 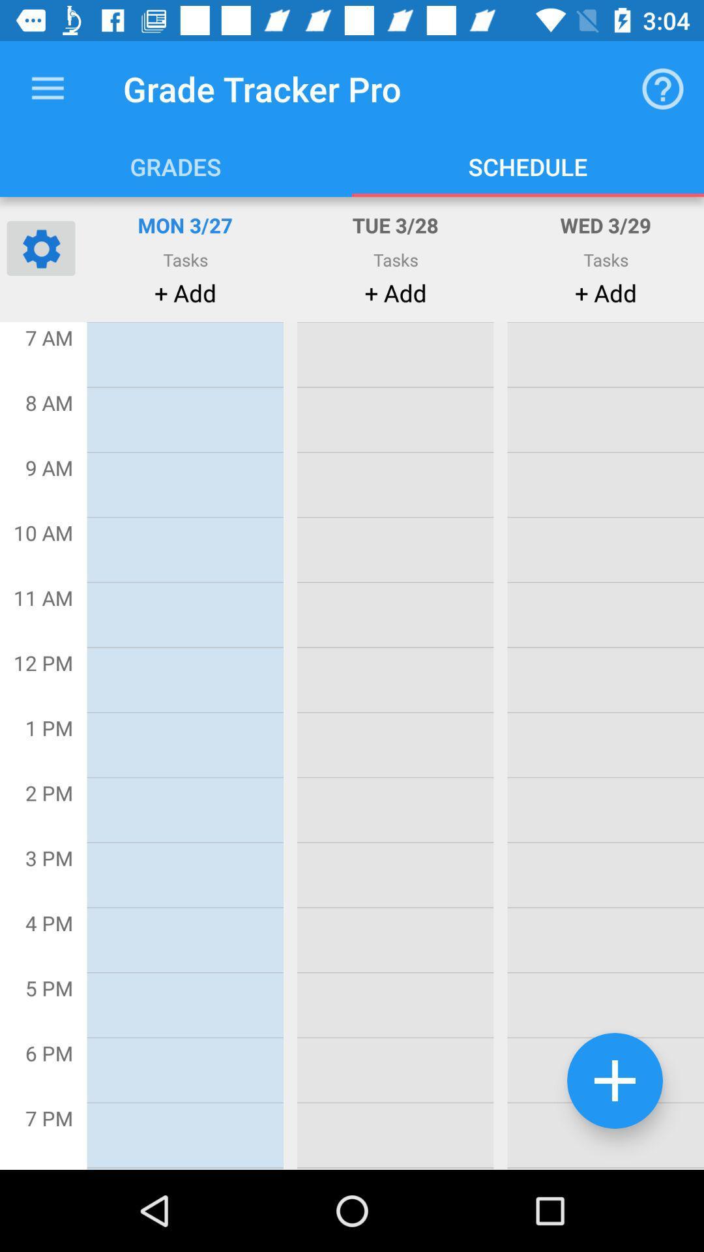 What do you see at coordinates (615, 1081) in the screenshot?
I see `the add icon` at bounding box center [615, 1081].